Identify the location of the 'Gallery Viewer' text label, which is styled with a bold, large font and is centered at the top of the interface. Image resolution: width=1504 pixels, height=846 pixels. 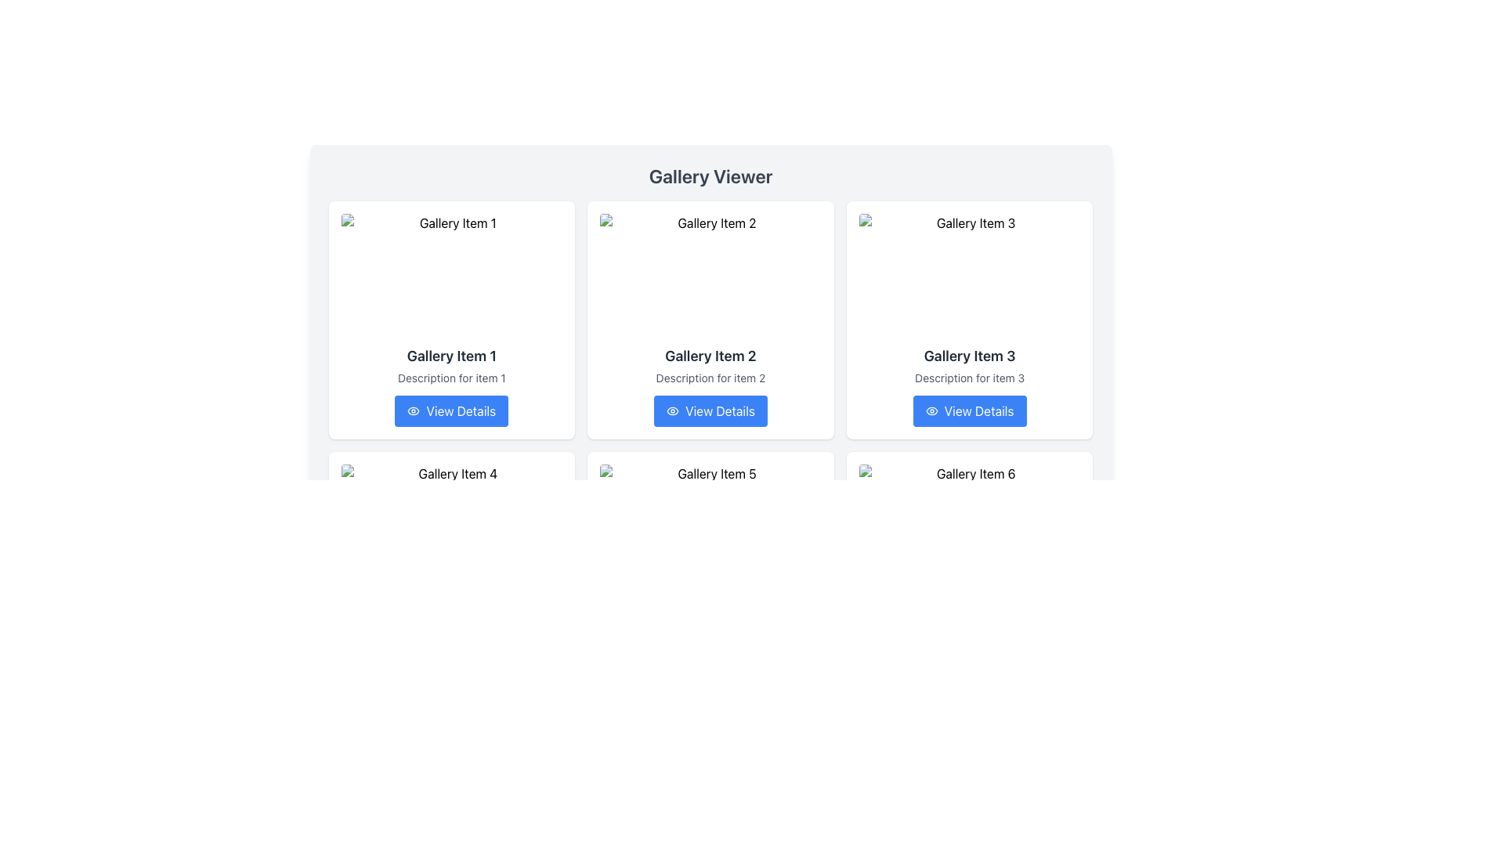
(710, 175).